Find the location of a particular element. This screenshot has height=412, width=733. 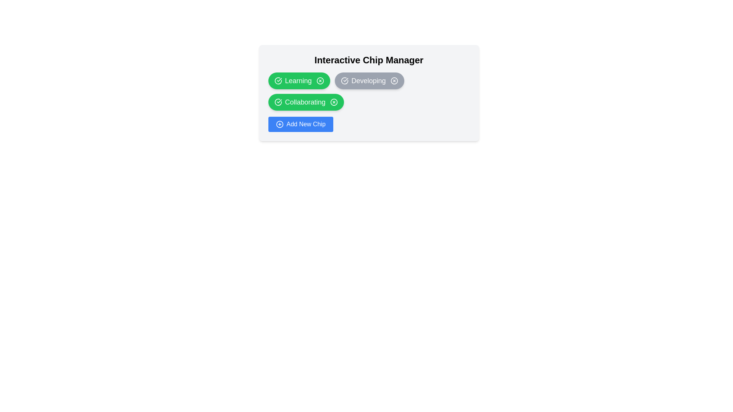

the circular checkmark icon located within the green chip labeled 'Learning', which is the topmost chip in a vertical layout of chips is located at coordinates (278, 81).